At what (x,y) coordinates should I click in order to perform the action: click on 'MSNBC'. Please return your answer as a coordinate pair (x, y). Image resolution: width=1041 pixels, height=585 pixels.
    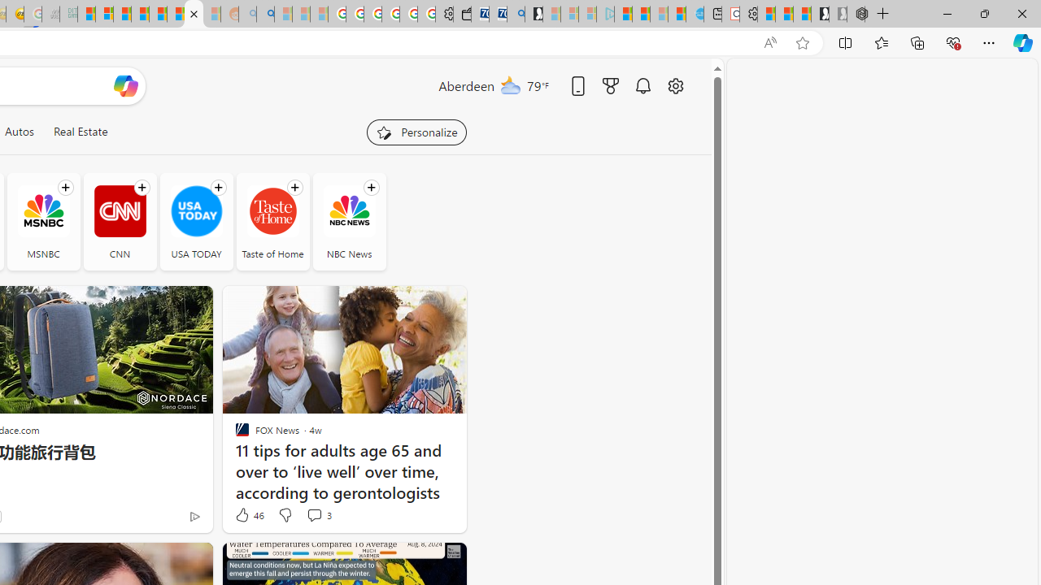
    Looking at the image, I should click on (43, 210).